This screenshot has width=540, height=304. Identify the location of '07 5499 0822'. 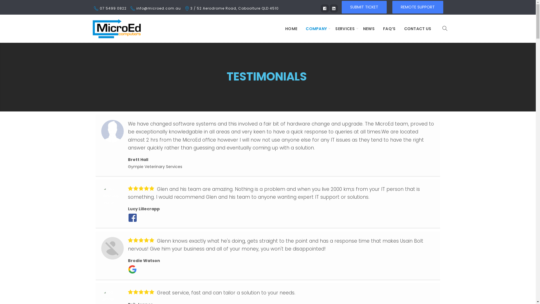
(100, 8).